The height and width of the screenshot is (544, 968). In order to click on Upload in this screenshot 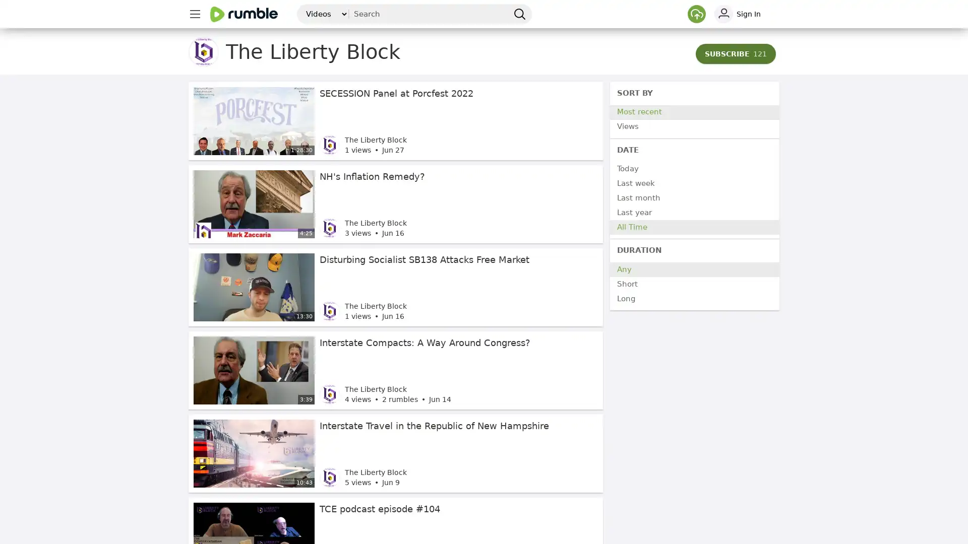, I will do `click(696, 14)`.